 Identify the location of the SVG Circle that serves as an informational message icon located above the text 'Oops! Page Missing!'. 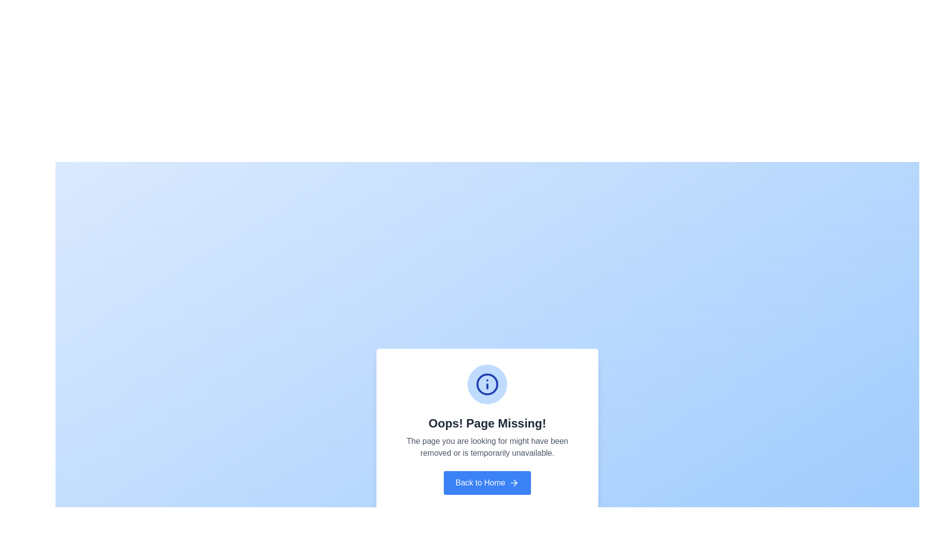
(487, 383).